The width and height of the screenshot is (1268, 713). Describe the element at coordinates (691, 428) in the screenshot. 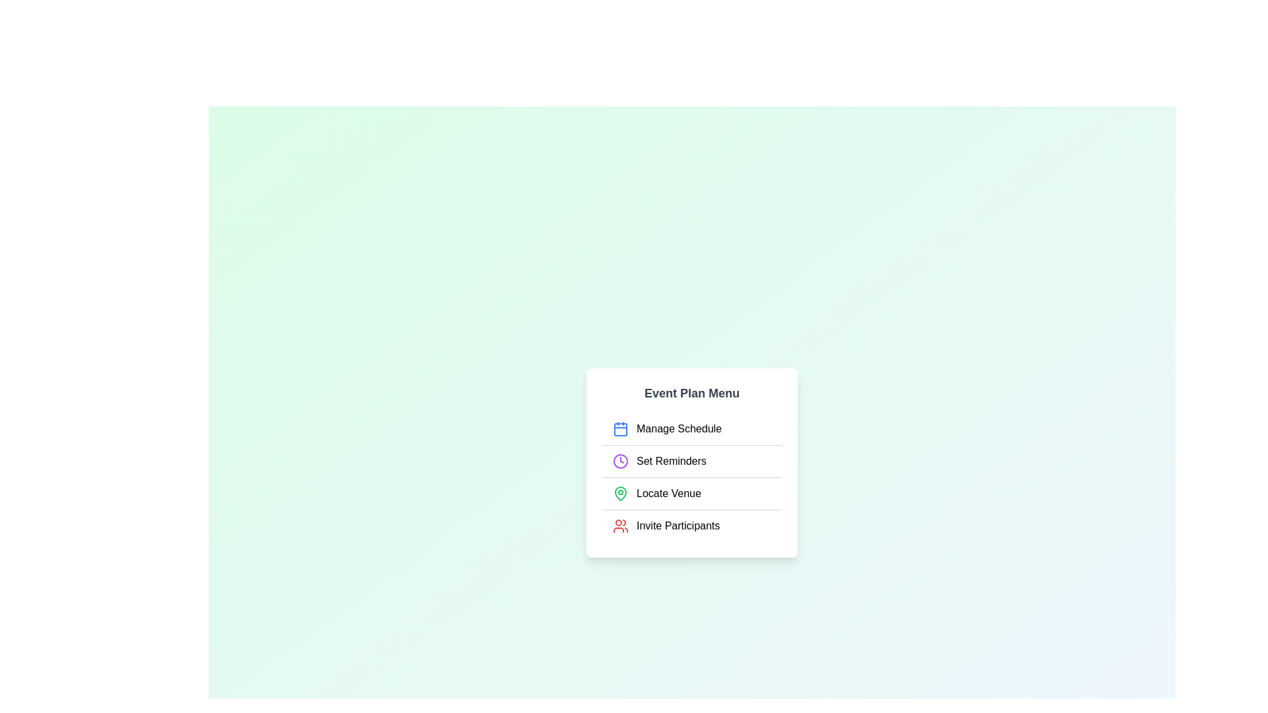

I see `the menu item Manage Schedule to perform its action` at that location.